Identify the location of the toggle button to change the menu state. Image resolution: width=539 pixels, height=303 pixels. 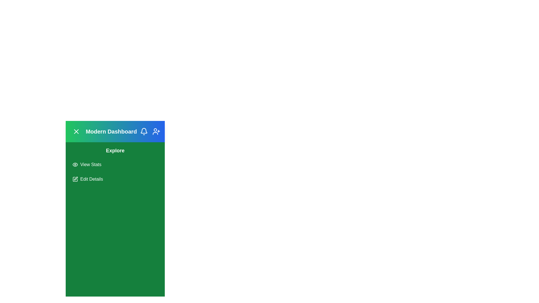
(76, 132).